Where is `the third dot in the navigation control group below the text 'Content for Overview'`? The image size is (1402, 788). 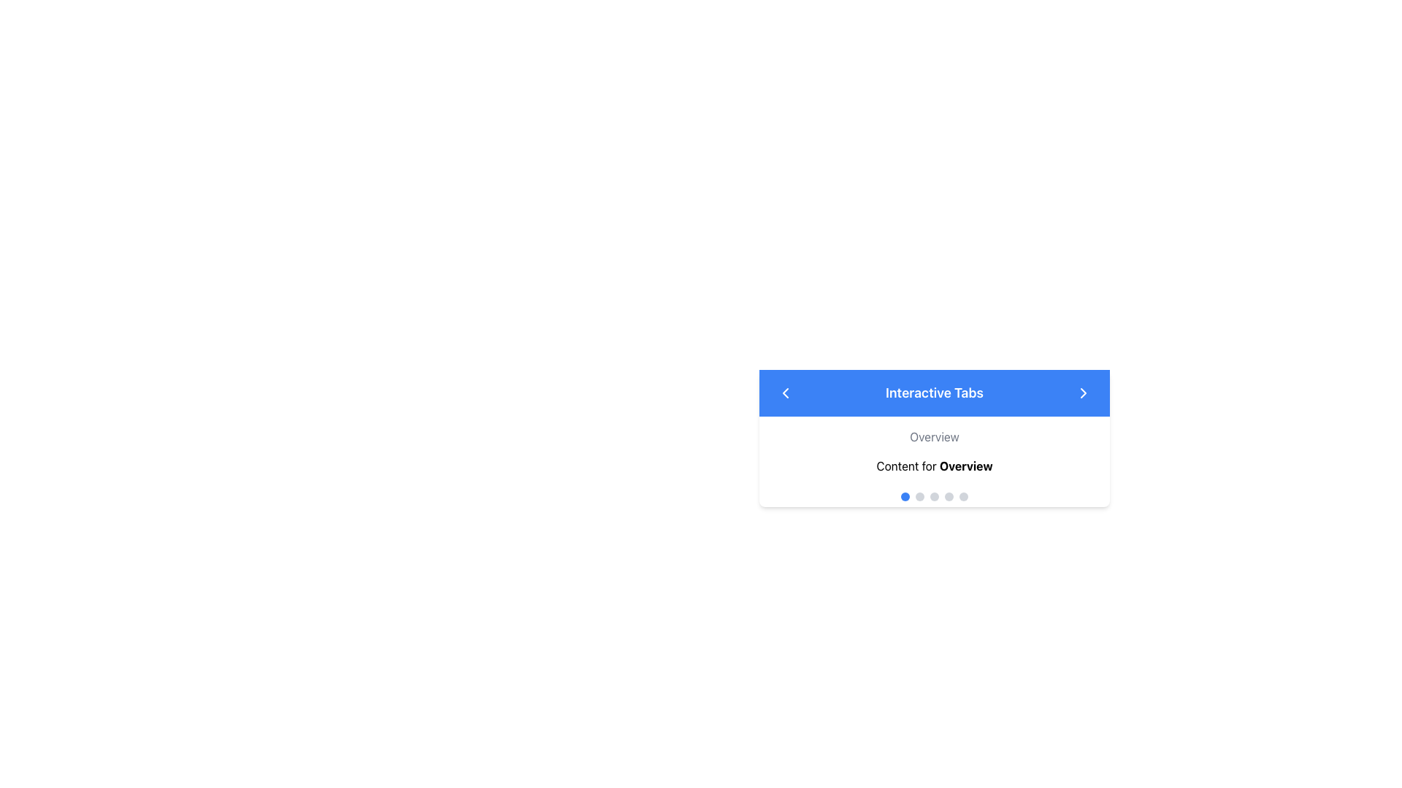 the third dot in the navigation control group below the text 'Content for Overview' is located at coordinates (935, 496).